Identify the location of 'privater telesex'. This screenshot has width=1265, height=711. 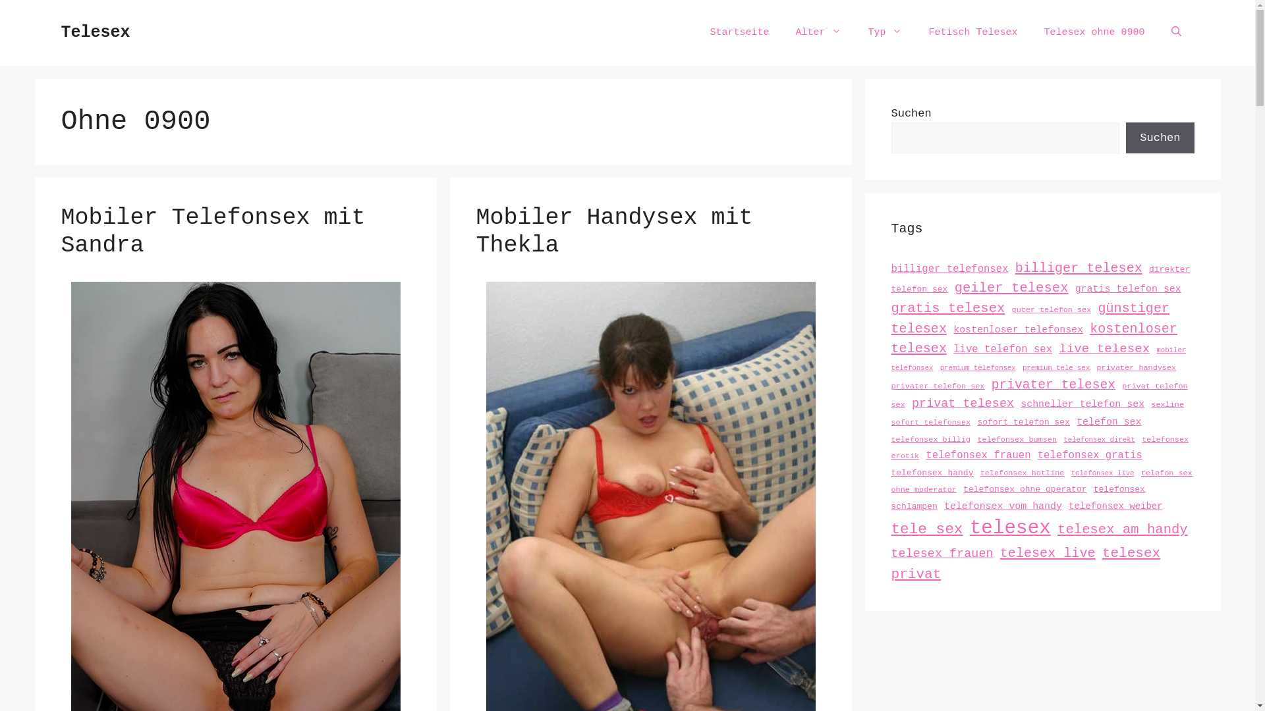
(1052, 385).